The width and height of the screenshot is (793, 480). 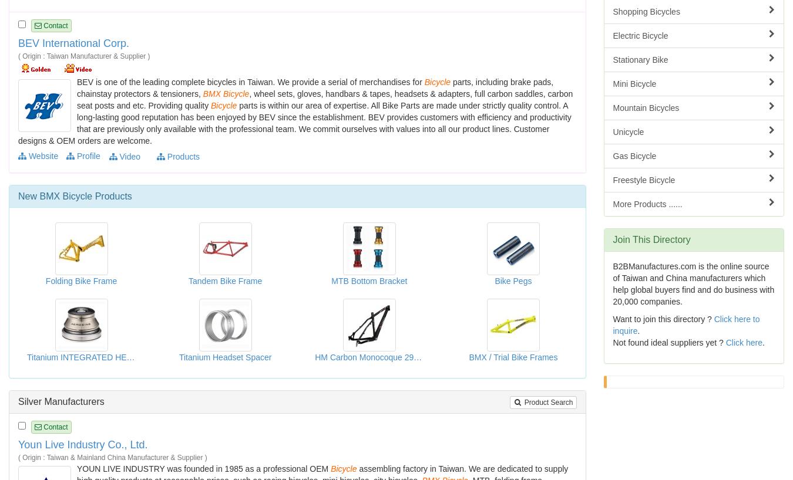 What do you see at coordinates (369, 281) in the screenshot?
I see `'MTB Bottom Bracket'` at bounding box center [369, 281].